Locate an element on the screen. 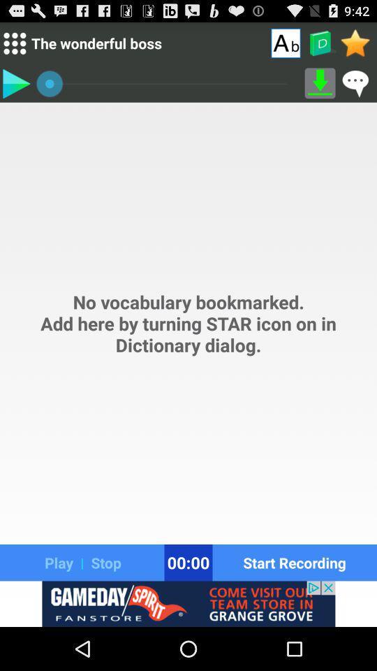  the chat icon is located at coordinates (355, 88).